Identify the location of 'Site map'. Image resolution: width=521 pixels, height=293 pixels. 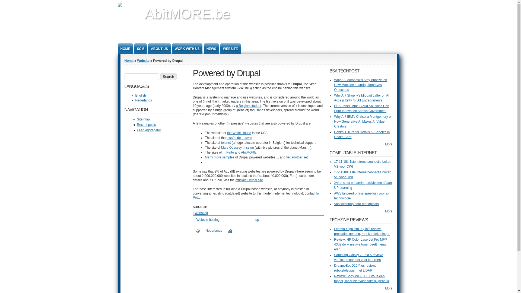
(137, 119).